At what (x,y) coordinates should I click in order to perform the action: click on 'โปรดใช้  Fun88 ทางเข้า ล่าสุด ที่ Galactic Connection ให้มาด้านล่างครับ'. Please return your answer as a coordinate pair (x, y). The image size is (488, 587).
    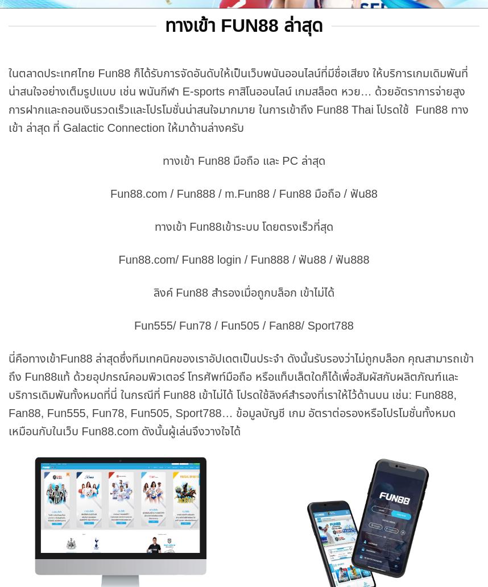
    Looking at the image, I should click on (237, 118).